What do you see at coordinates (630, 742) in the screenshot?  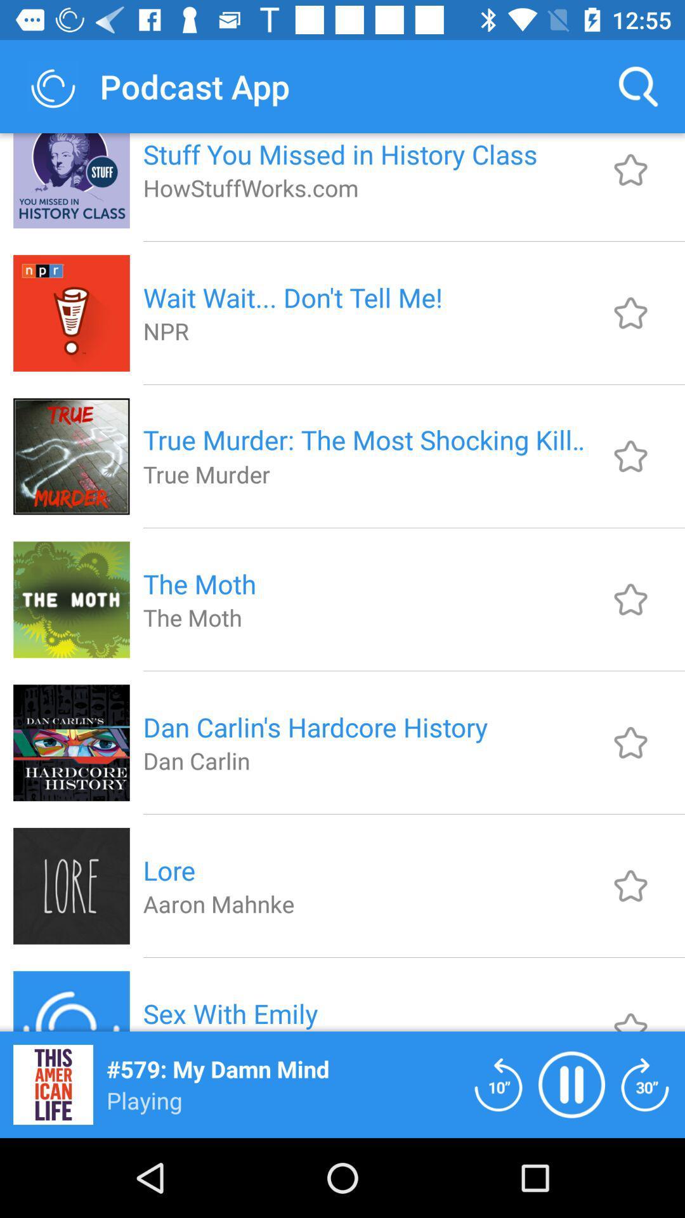 I see `favourite` at bounding box center [630, 742].